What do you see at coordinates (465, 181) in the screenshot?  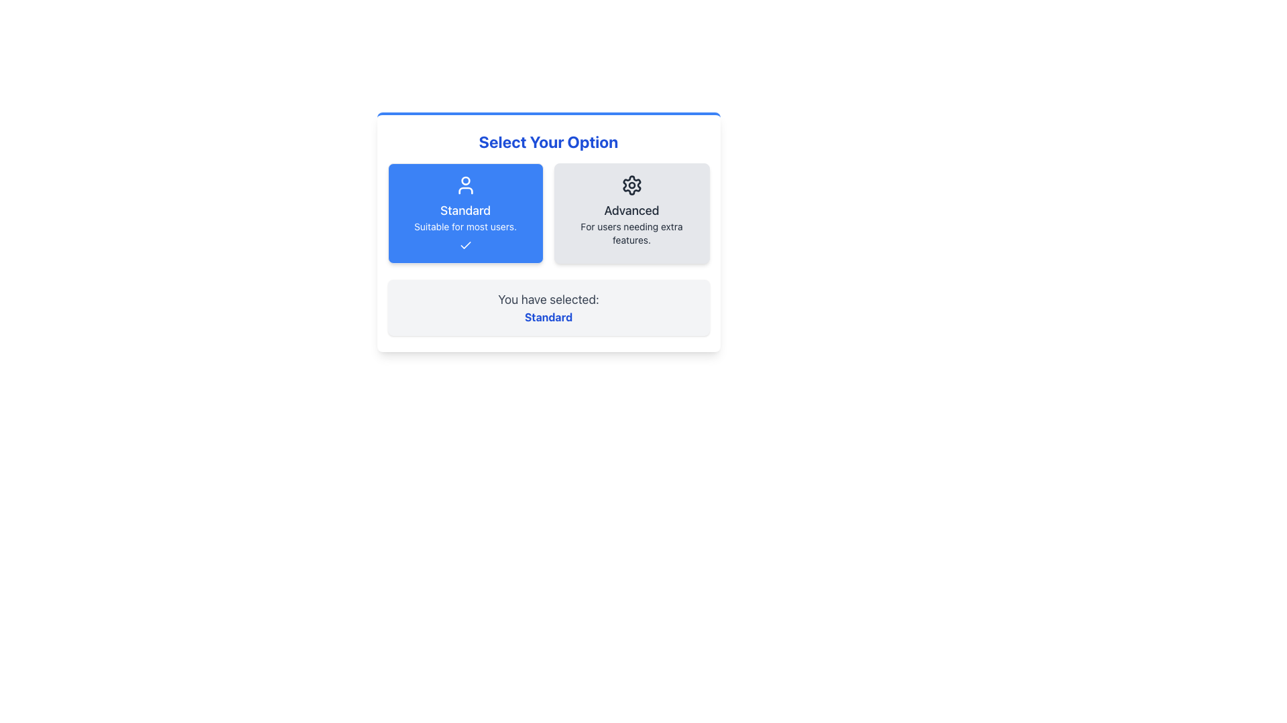 I see `the circular element located within the icon above the 'Standard' option, which is part of a user-friendly design with a blue background` at bounding box center [465, 181].